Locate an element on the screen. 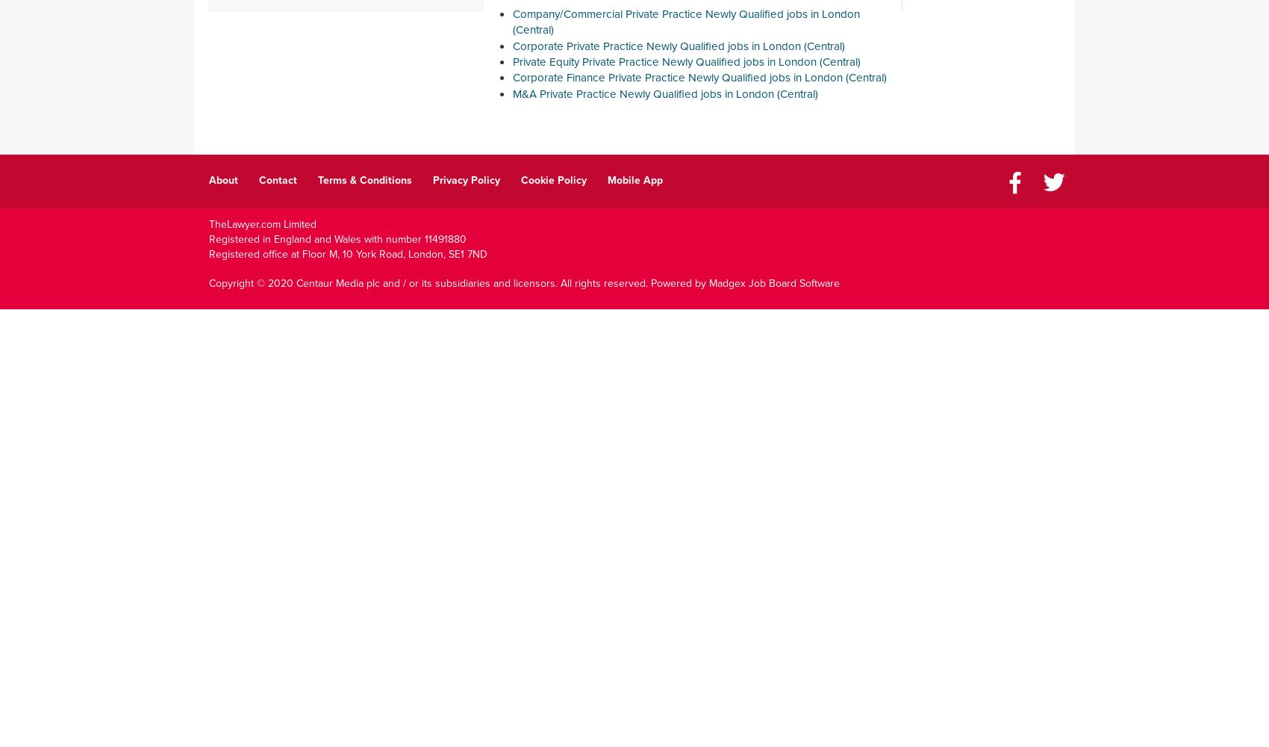 Image resolution: width=1269 pixels, height=747 pixels. 'TheLawyer.com Limited' is located at coordinates (262, 224).